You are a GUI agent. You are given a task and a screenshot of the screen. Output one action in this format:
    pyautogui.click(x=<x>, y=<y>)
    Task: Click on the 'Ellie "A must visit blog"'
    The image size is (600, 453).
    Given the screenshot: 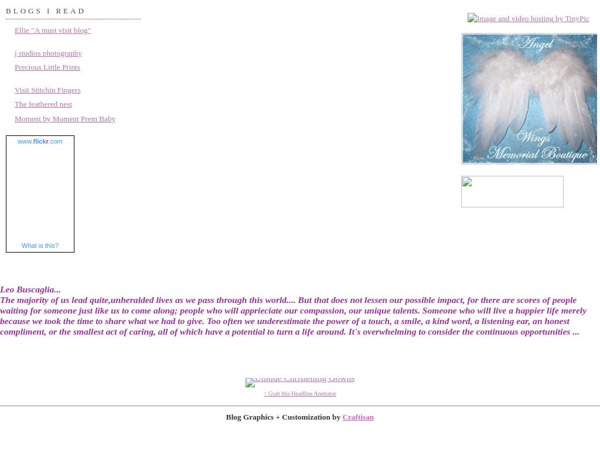 What is the action you would take?
    pyautogui.click(x=53, y=29)
    